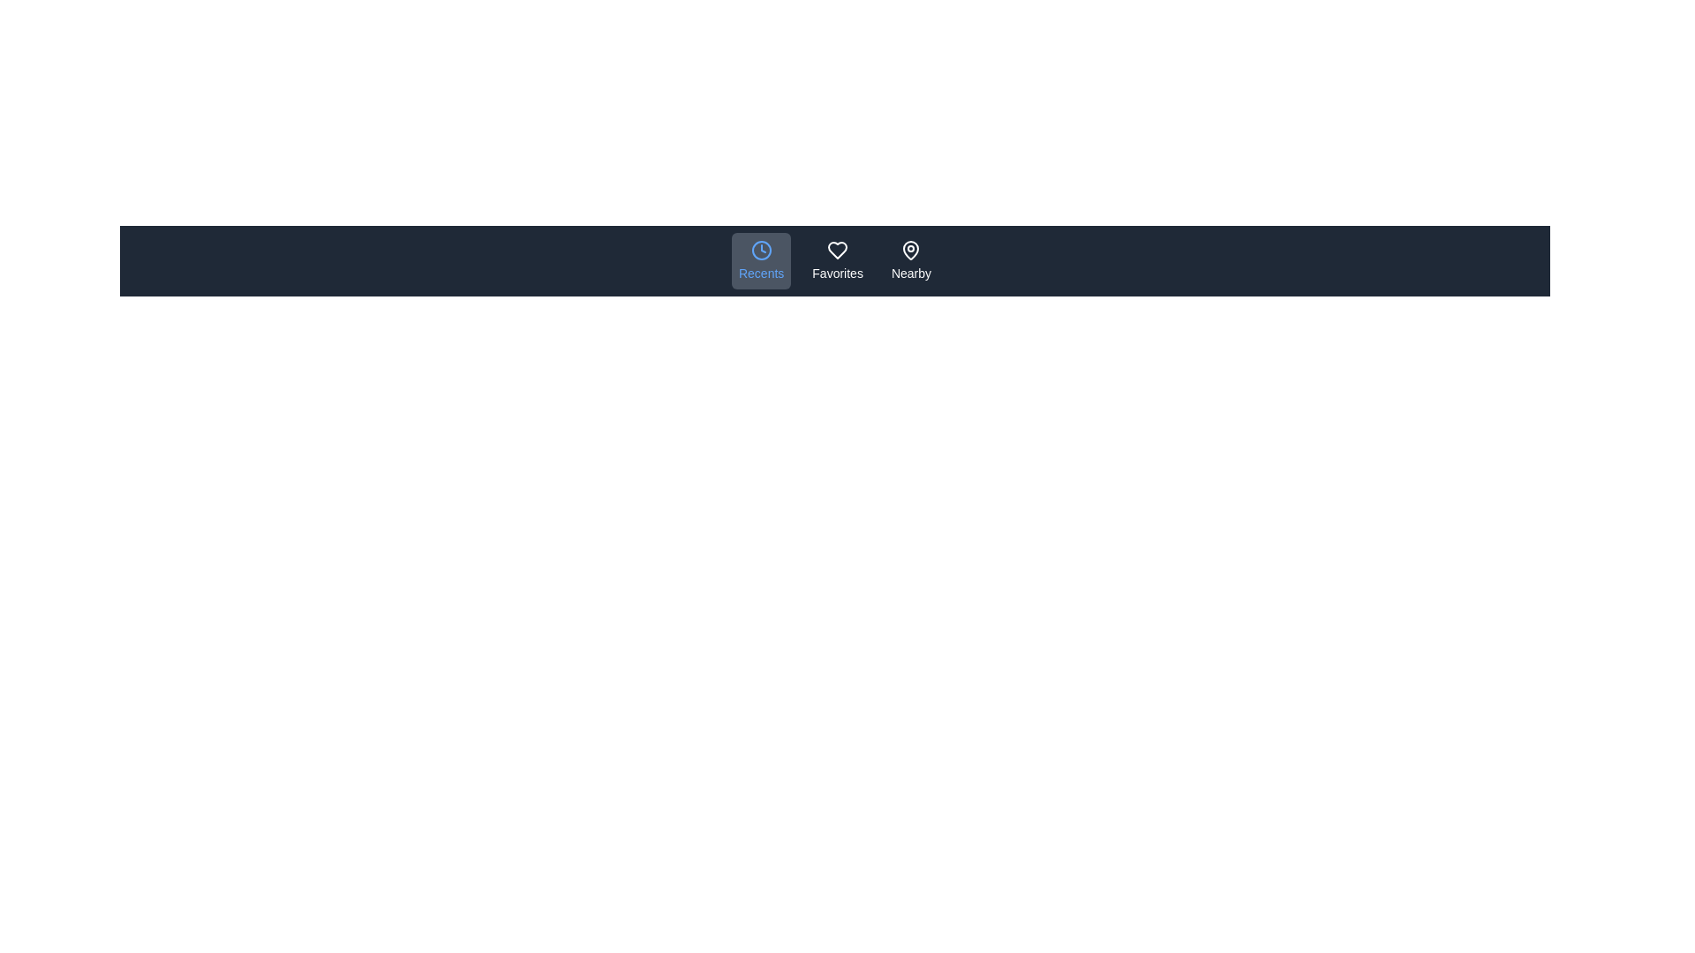 This screenshot has height=953, width=1695. I want to click on the Favorites icon in the navigation bar, so click(837, 261).